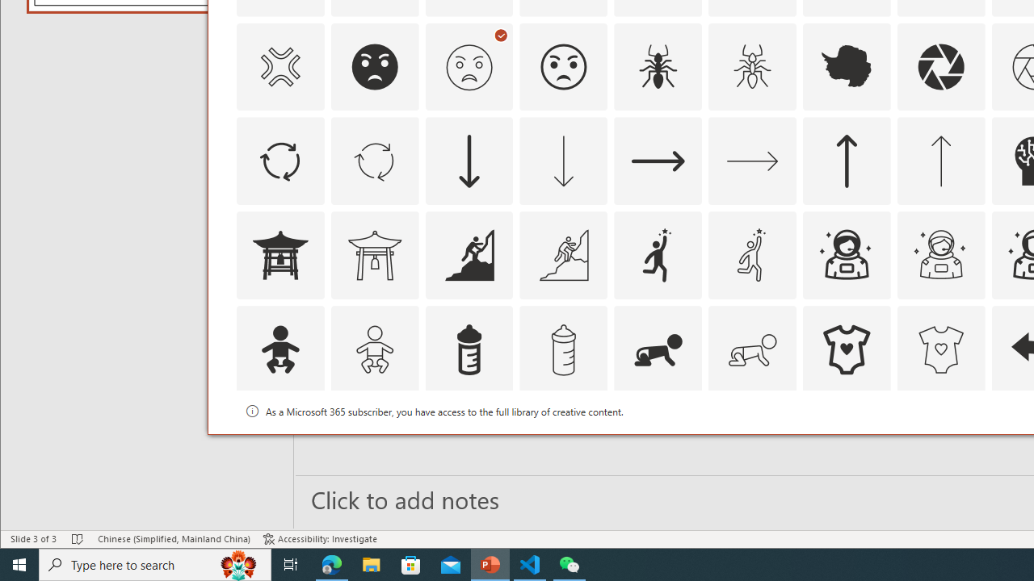 The image size is (1034, 581). I want to click on 'AutomationID: Icons_Ant', so click(658, 65).